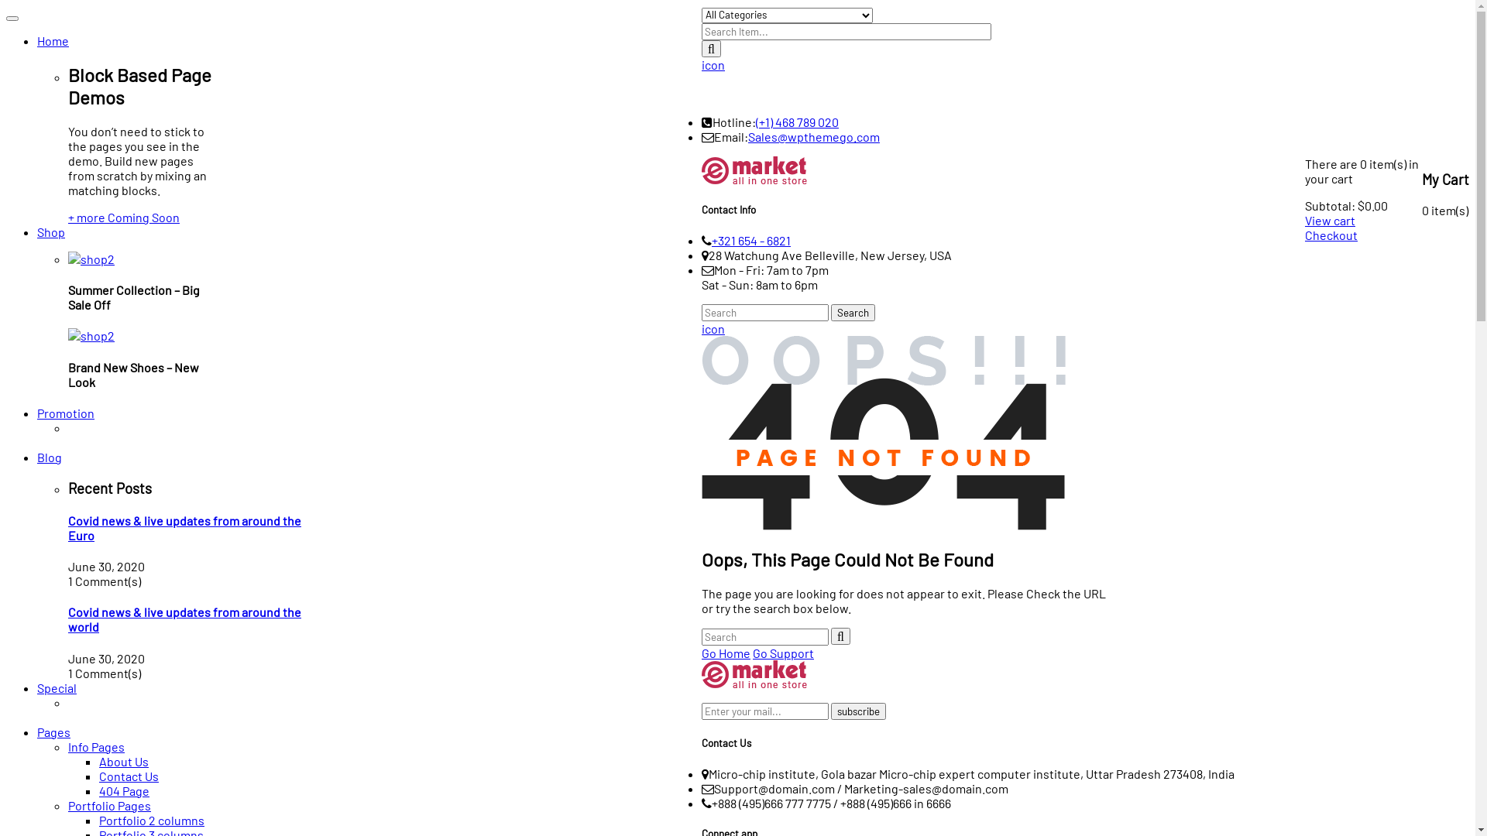 The width and height of the screenshot is (1487, 836). I want to click on 'Covid news & live updates from around the Euro', so click(184, 527).